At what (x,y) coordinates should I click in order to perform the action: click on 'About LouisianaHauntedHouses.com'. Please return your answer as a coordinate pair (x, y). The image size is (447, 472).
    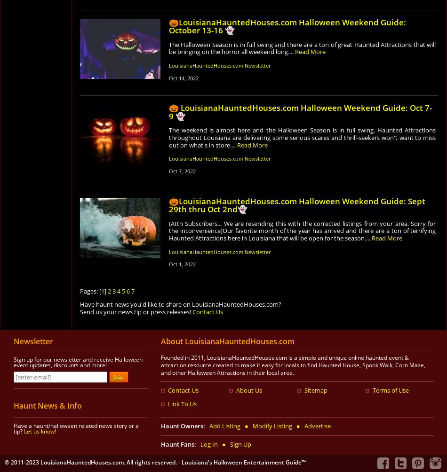
    Looking at the image, I should click on (228, 341).